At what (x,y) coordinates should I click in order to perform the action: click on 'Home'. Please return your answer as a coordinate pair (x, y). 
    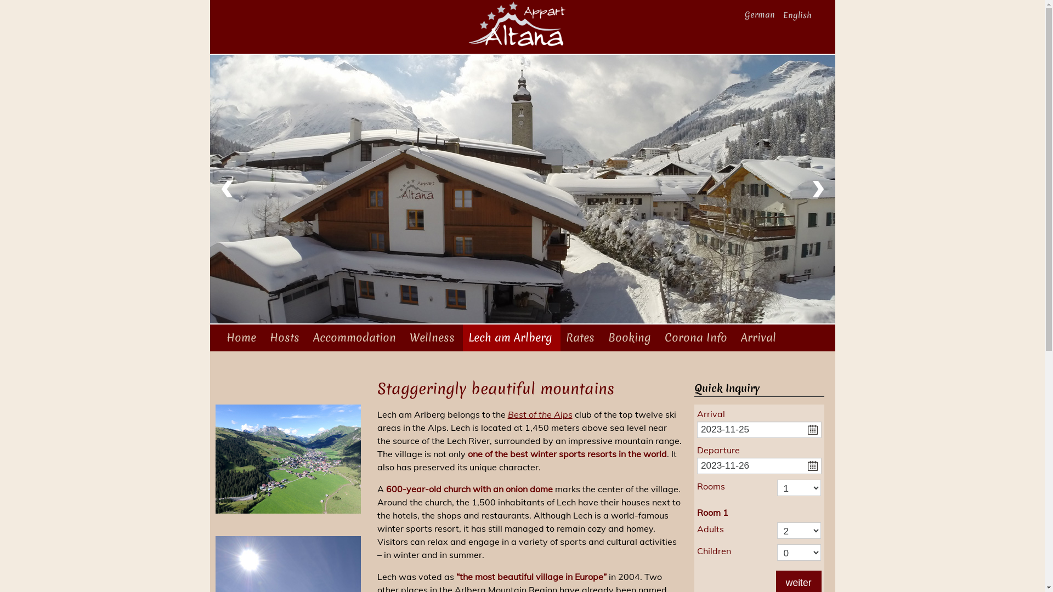
    Looking at the image, I should click on (241, 337).